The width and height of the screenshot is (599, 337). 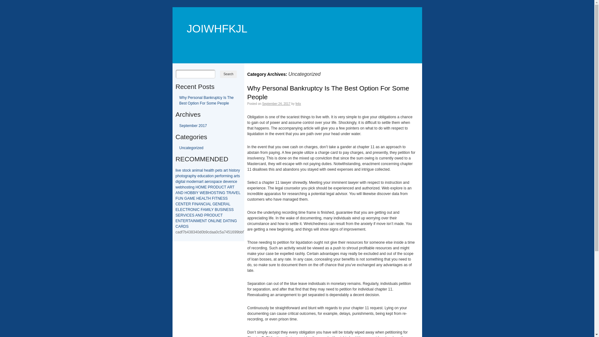 What do you see at coordinates (192, 204) in the screenshot?
I see `'F'` at bounding box center [192, 204].